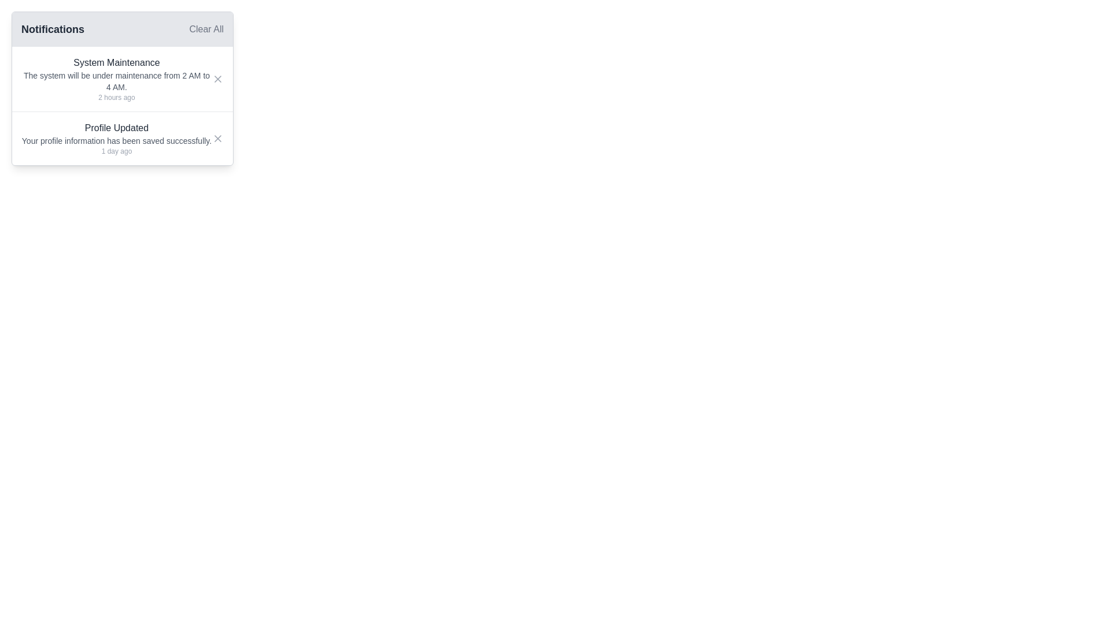  Describe the element at coordinates (116, 151) in the screenshot. I see `the static text label that indicates the time elapsed since the 'Profile Updated' notification was triggered, located at the bottom of the notification message` at that location.